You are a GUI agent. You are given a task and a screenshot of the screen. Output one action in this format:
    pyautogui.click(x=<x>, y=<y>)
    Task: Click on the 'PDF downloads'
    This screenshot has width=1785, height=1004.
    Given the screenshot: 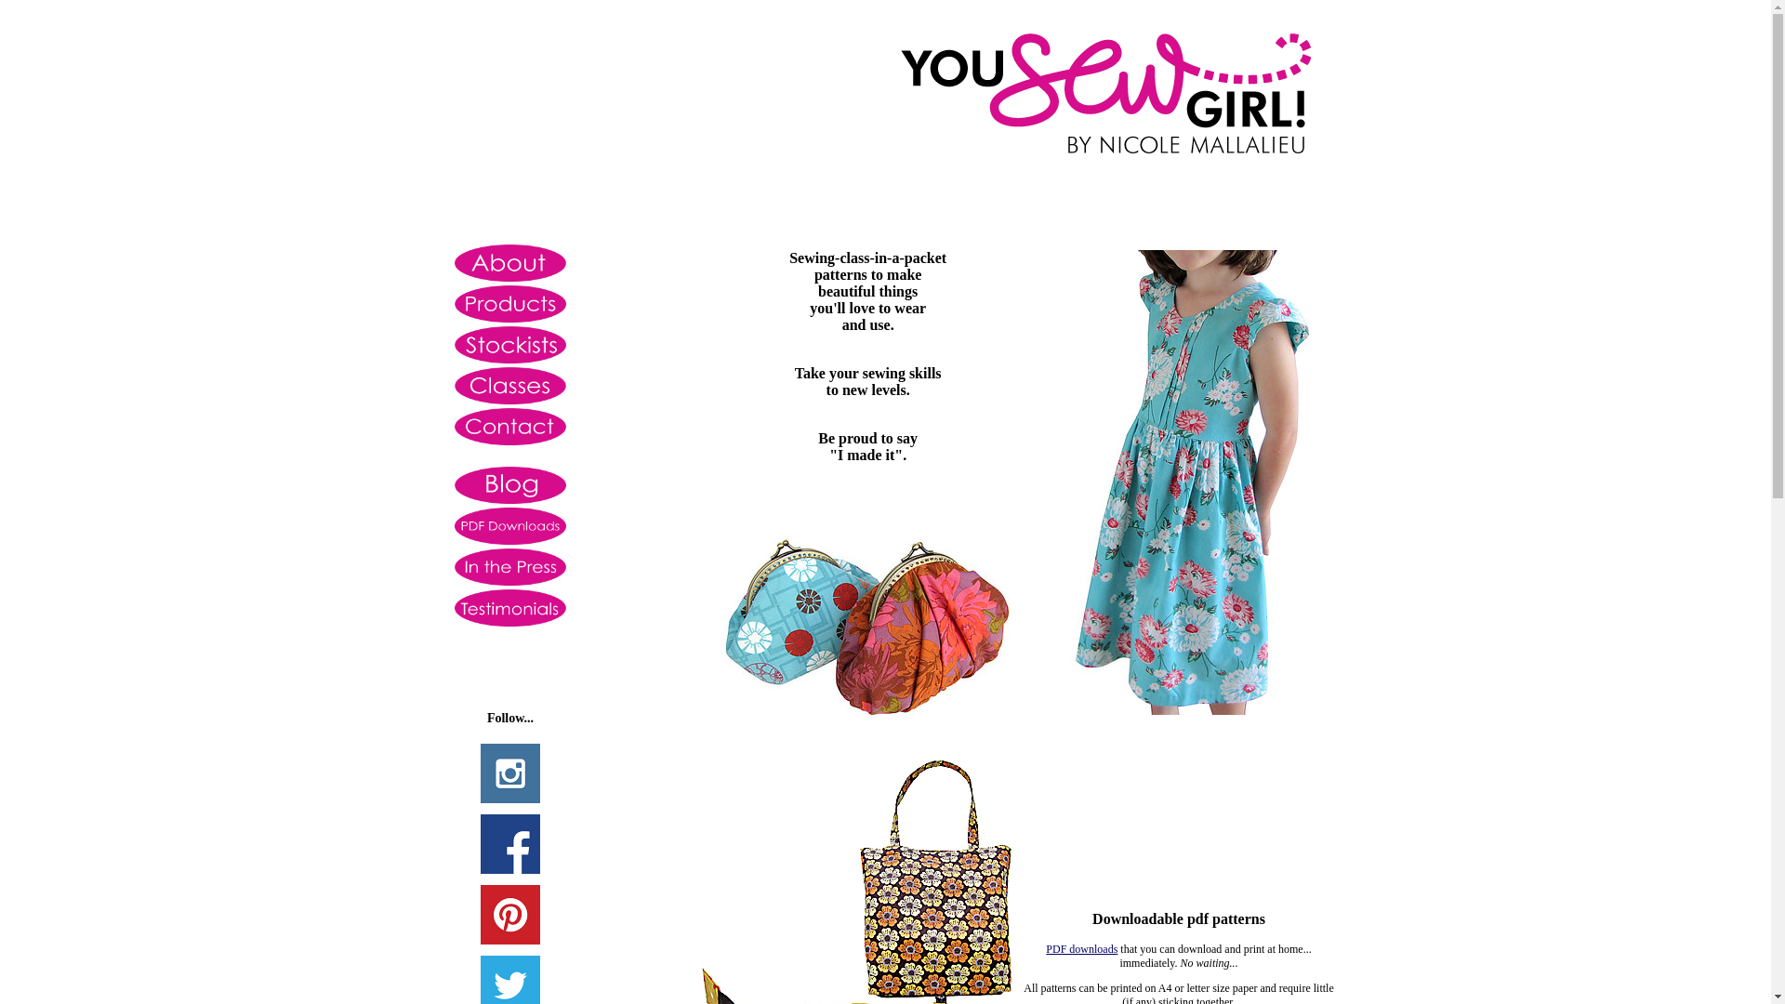 What is the action you would take?
    pyautogui.click(x=1045, y=949)
    